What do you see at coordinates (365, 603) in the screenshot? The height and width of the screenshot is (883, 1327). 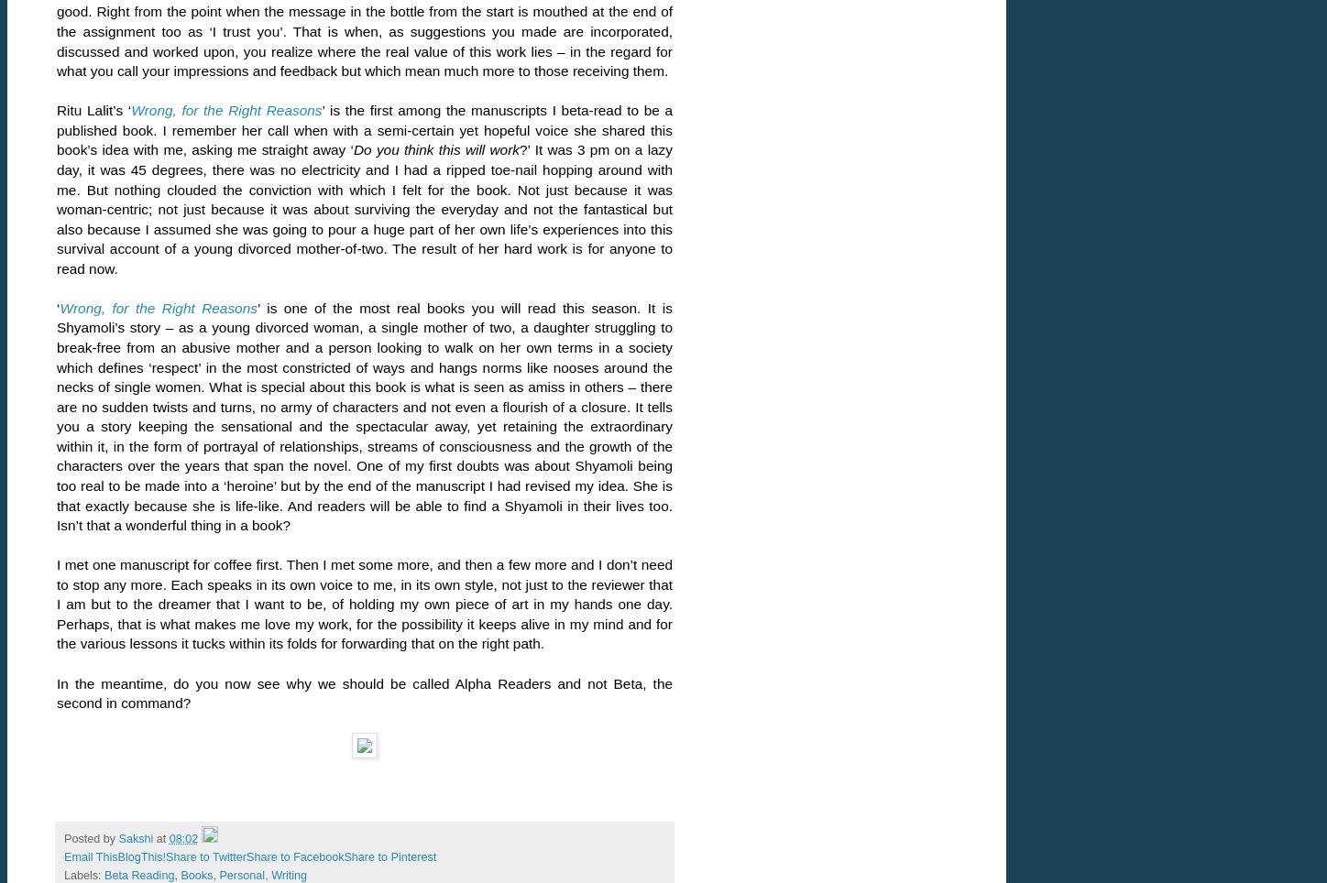 I see `'I met one manuscript for coffee first. Then I met some more, and then a few more and I don’t need to stop any more. Each speaks in its own voice to me, in its own style, not just to the reviewer that I am but to the dreamer that I want to be, of holding my own piece of art in my hands one day. Perhaps, that is what makes me love my work, for the possibility it keeps alive in my mind and for the various lessons it tucks within its folds for forwarding that on the right path.'` at bounding box center [365, 603].